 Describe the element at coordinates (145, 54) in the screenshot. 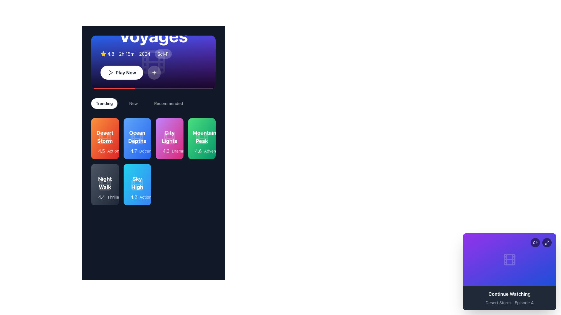

I see `the textual element displaying the year '2024' in white against a purple background, located between '2h 15m' and 'Sci-Fi'` at that location.